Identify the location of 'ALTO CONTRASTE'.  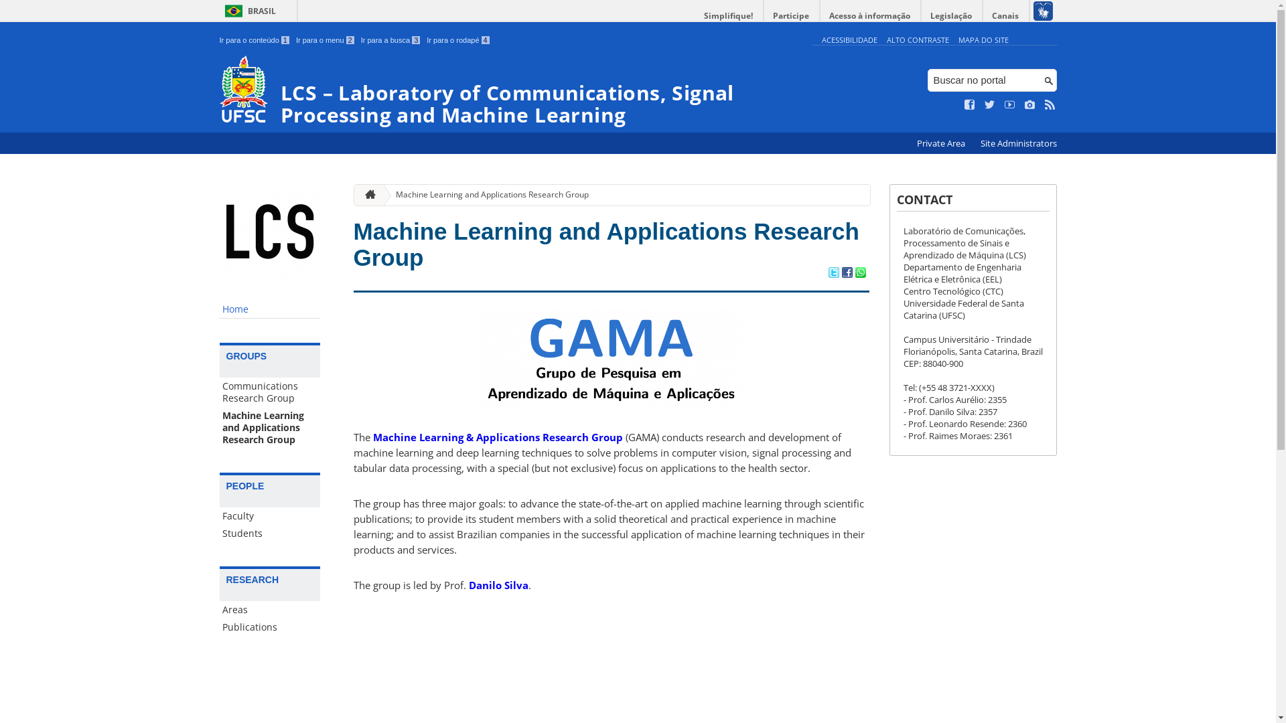
(917, 39).